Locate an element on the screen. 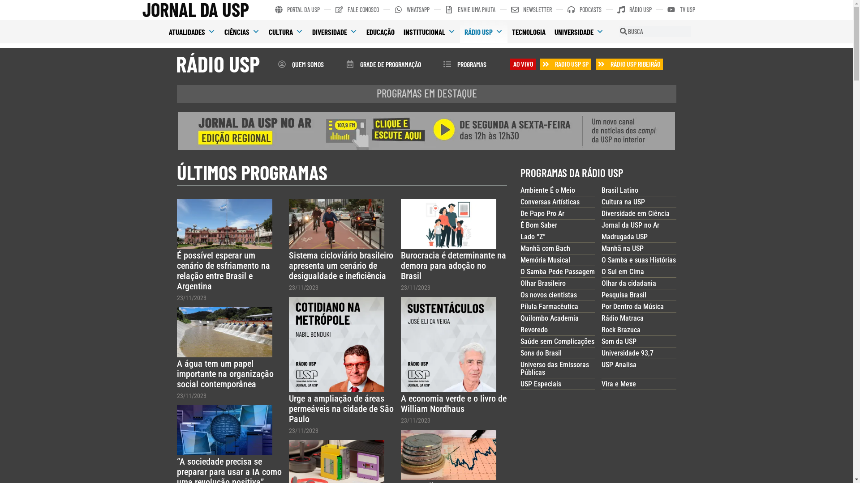 This screenshot has width=860, height=483. 'De Papo Pro Ar' is located at coordinates (542, 213).